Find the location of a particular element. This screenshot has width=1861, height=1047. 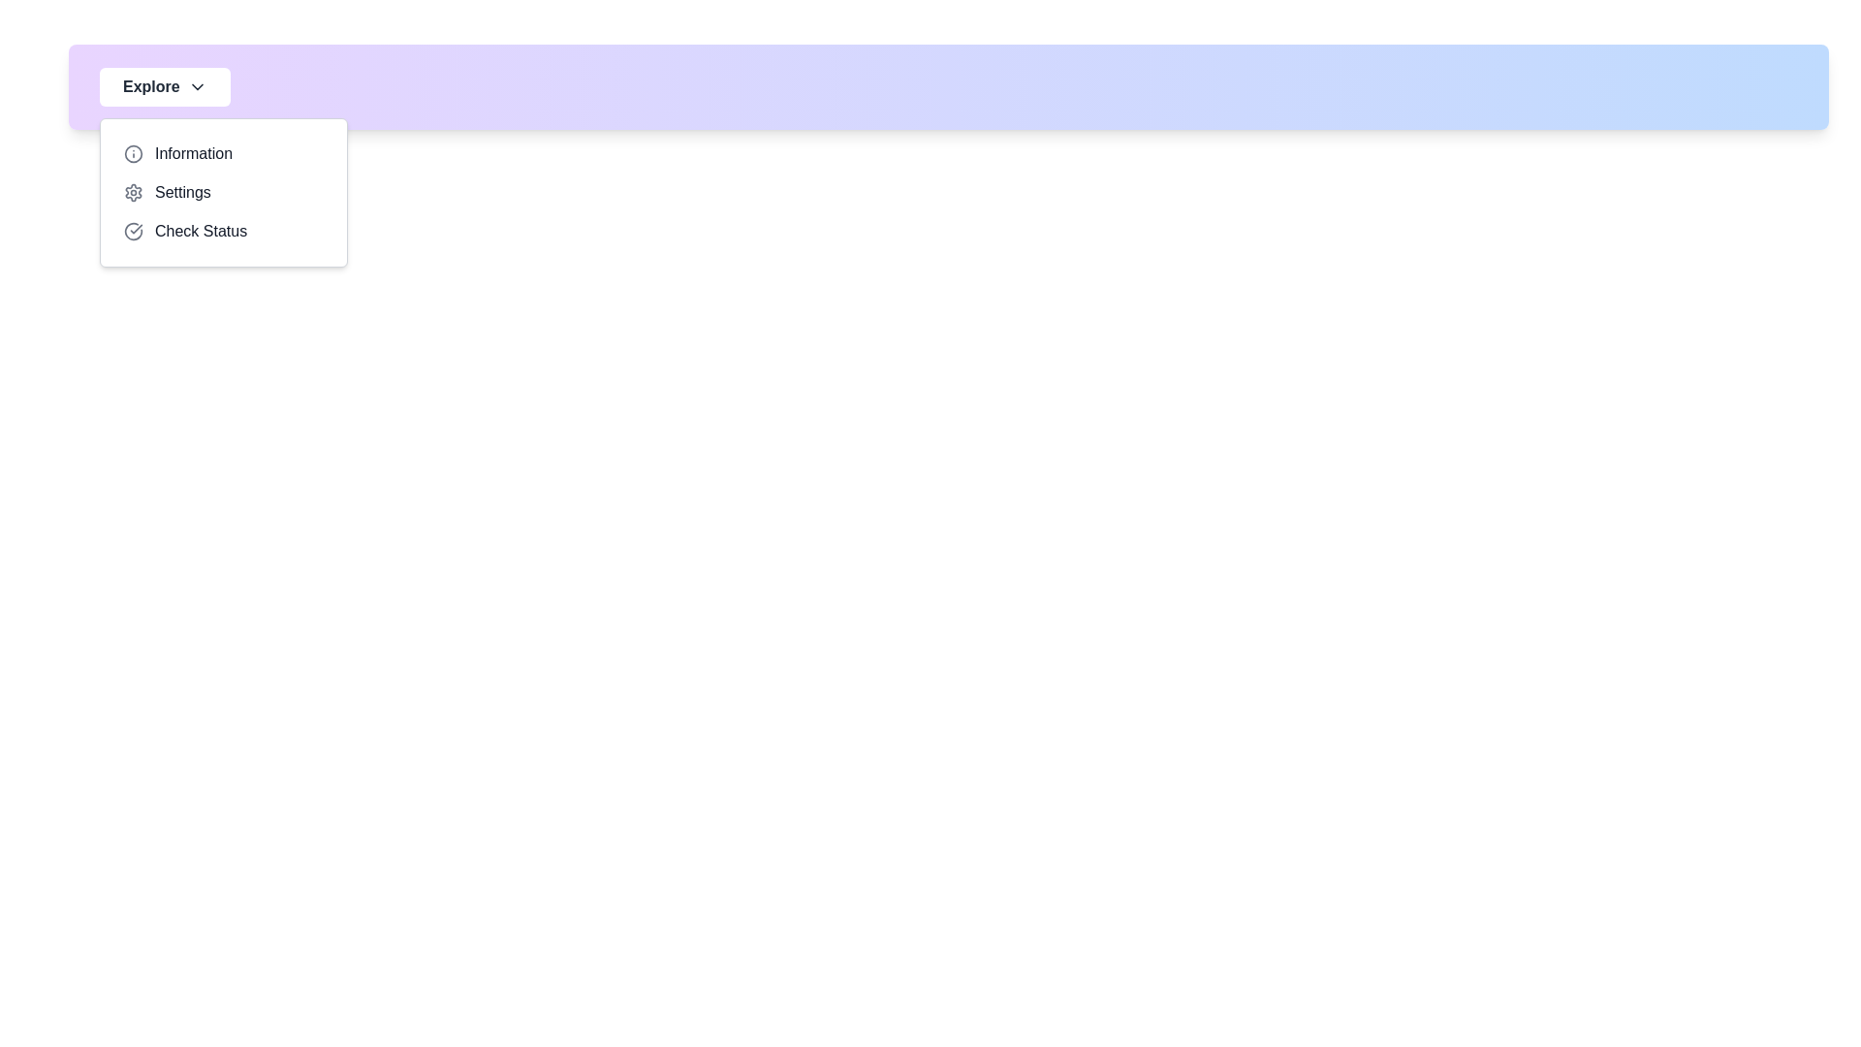

the 'Settings' menu item to select it is located at coordinates (223, 193).